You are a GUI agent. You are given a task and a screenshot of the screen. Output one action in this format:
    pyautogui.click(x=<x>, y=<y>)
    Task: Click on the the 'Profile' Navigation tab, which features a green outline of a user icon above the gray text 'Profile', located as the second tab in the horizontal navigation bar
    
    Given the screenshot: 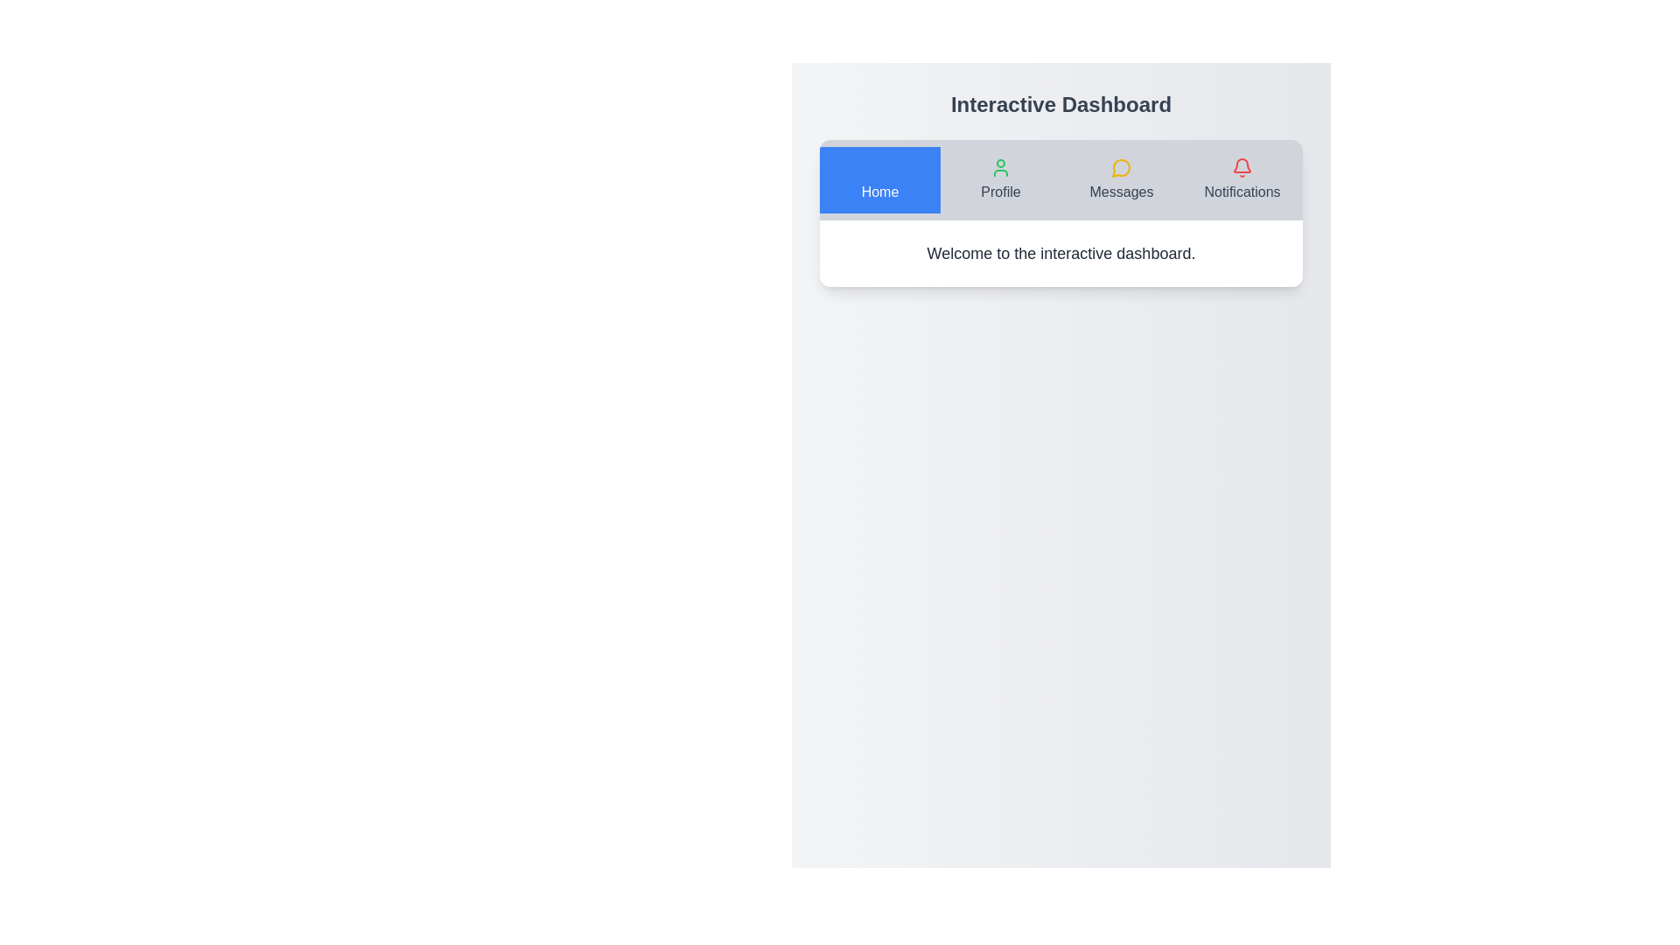 What is the action you would take?
    pyautogui.click(x=1000, y=179)
    